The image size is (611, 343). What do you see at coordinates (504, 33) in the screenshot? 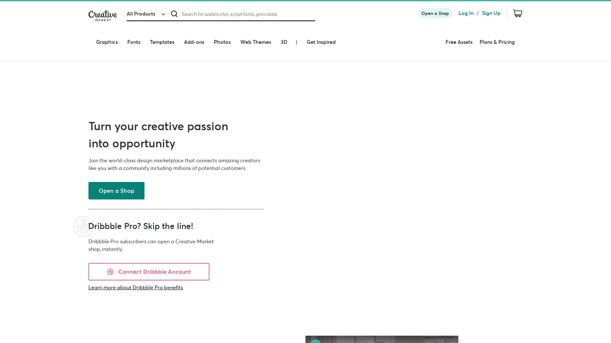
I see `Plans & Pricing` at bounding box center [504, 33].